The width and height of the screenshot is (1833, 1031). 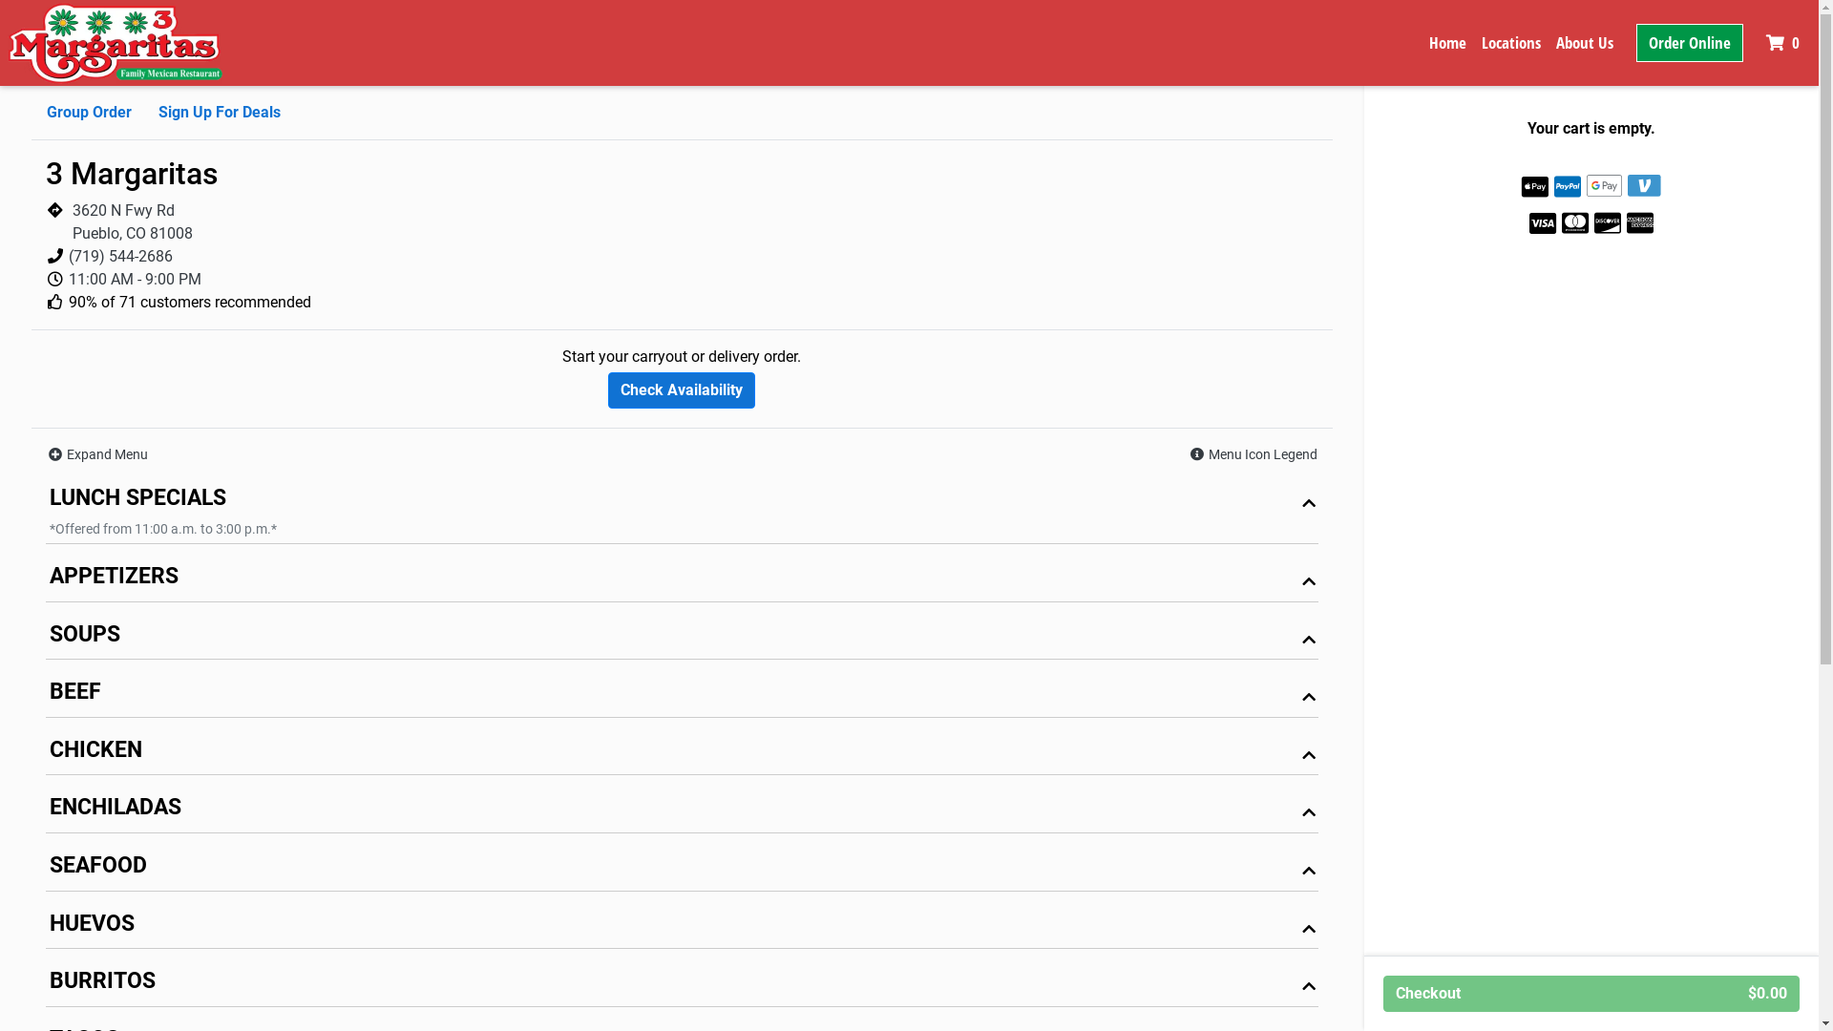 I want to click on 'Menu Icon Legend', so click(x=1253, y=454).